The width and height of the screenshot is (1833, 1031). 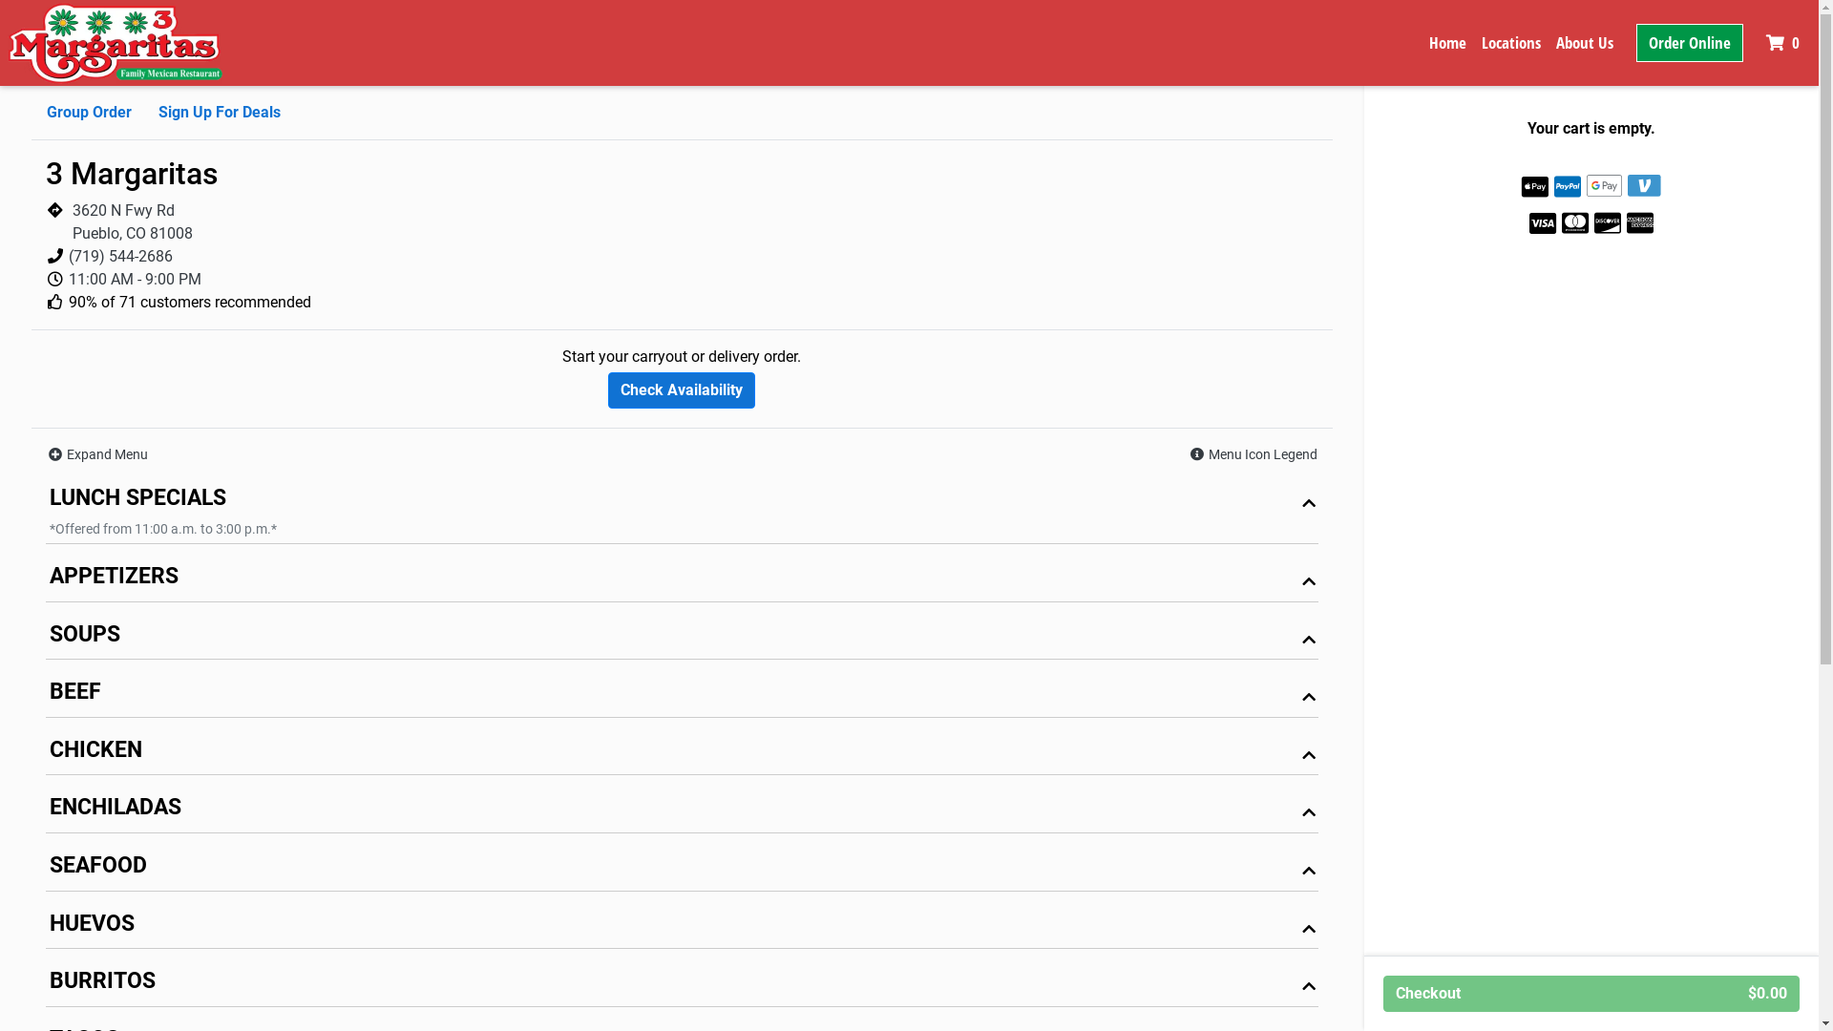 I want to click on 'Menu Icon Legend', so click(x=1253, y=454).